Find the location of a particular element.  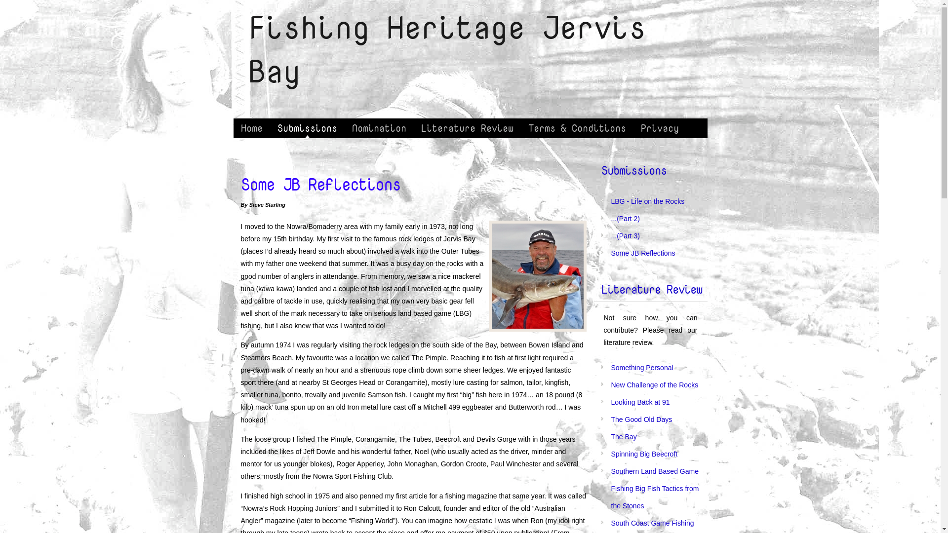

'The Bay' is located at coordinates (623, 436).